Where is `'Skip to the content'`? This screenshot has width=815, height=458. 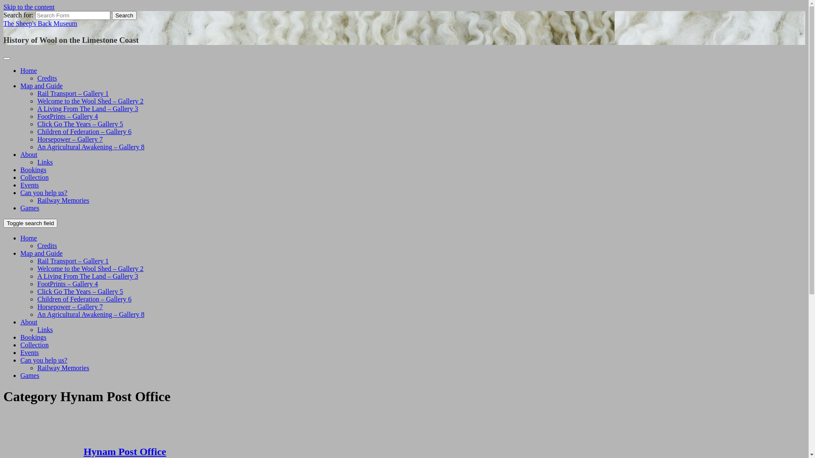
'Skip to the content' is located at coordinates (28, 7).